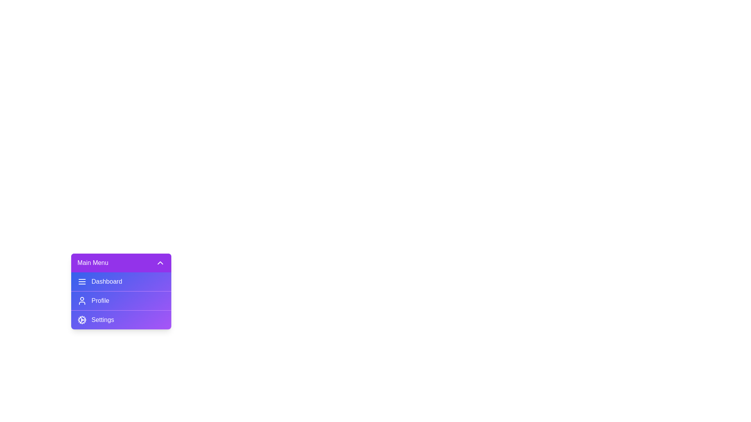 This screenshot has width=751, height=422. What do you see at coordinates (82, 320) in the screenshot?
I see `the settings icon located to the left of the 'Settings' menu item in the vertical navigation menu` at bounding box center [82, 320].